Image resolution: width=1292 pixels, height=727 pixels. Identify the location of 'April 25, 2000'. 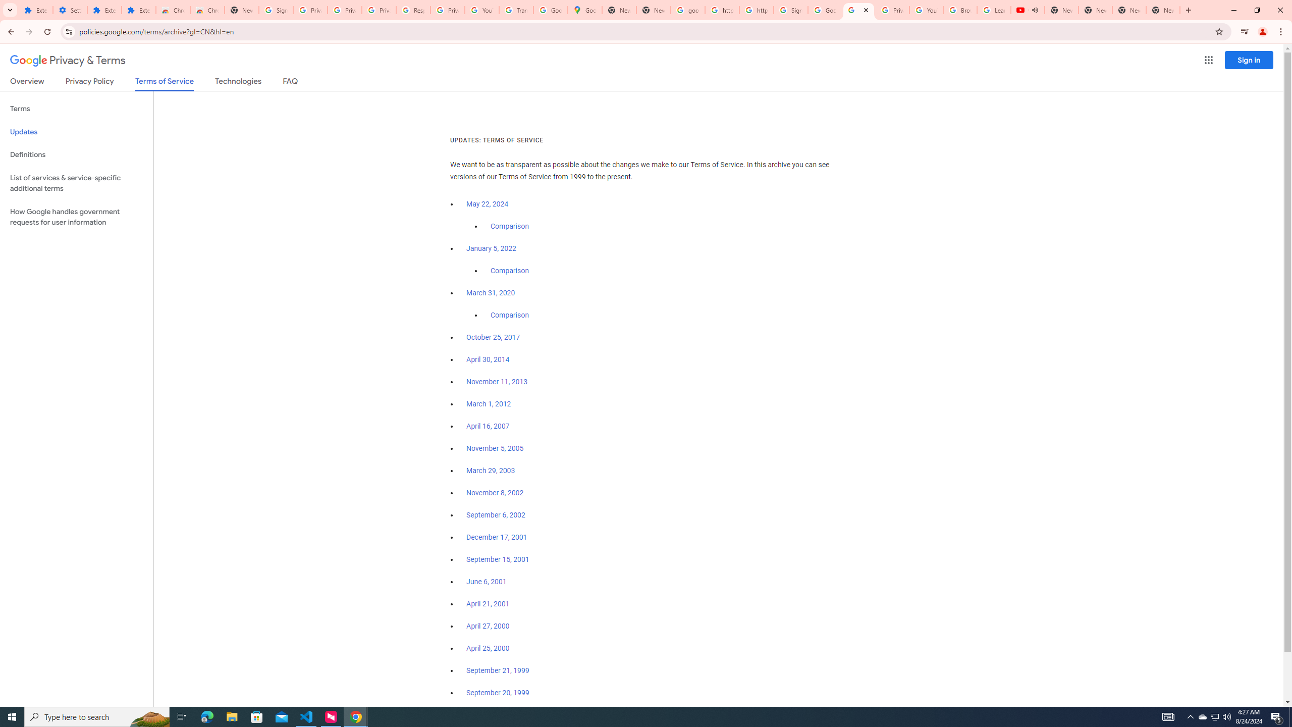
(488, 647).